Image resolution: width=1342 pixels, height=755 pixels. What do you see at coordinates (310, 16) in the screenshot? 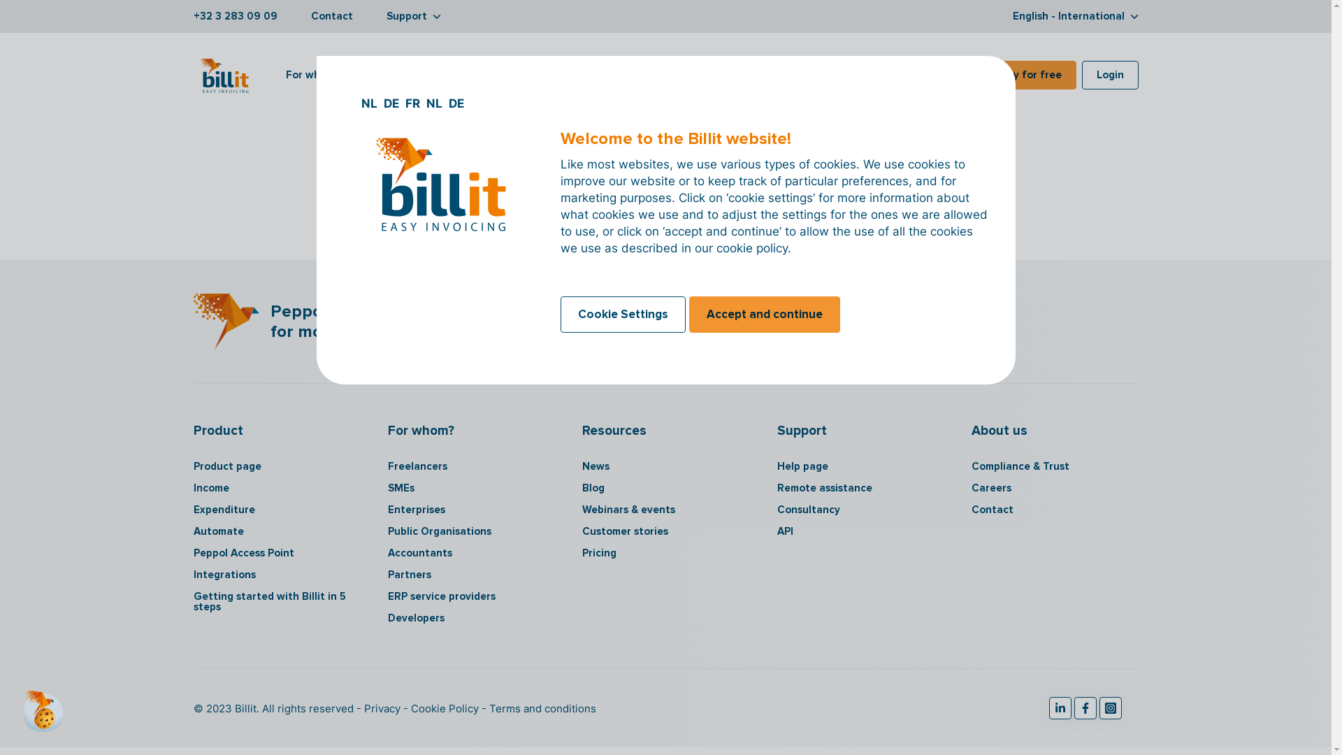
I see `'Contact'` at bounding box center [310, 16].